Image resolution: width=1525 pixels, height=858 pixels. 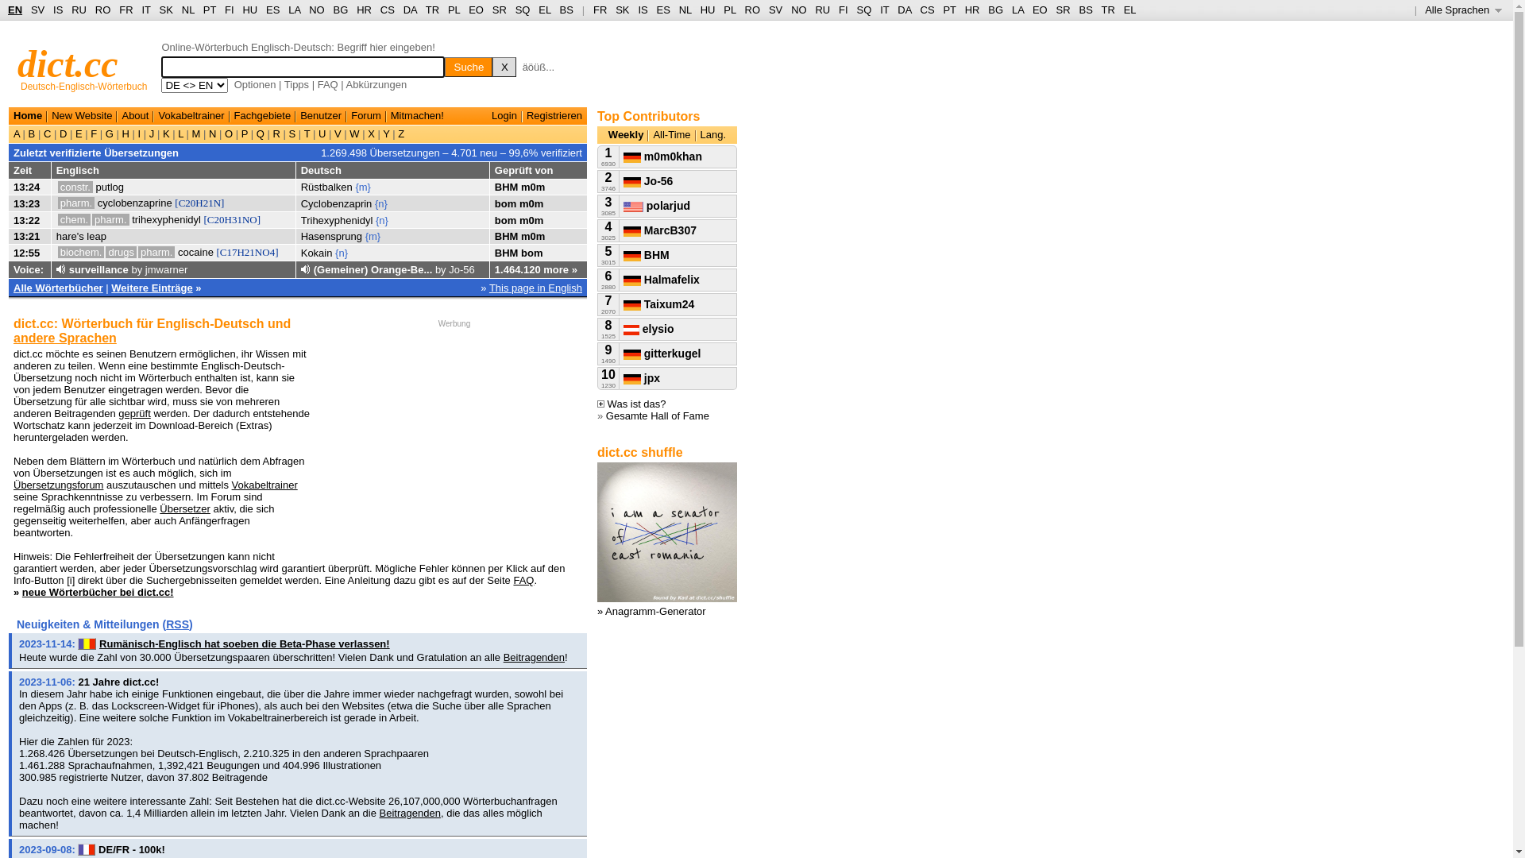 What do you see at coordinates (662, 352) in the screenshot?
I see `'gitterkugel'` at bounding box center [662, 352].